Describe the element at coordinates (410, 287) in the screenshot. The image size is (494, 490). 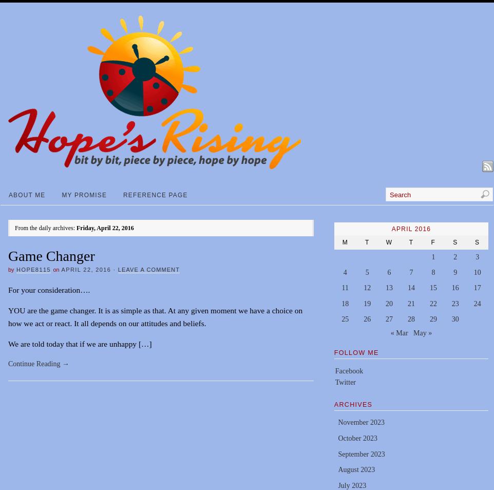
I see `'14'` at that location.